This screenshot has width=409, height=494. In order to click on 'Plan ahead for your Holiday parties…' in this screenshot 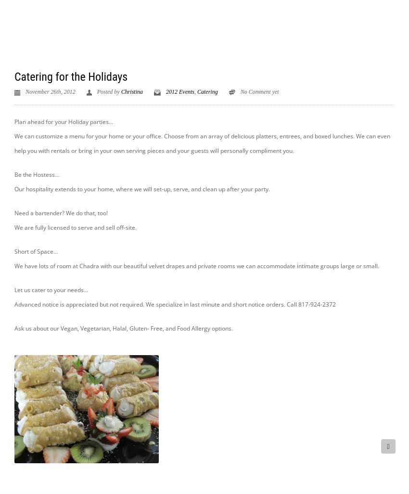, I will do `click(64, 121)`.